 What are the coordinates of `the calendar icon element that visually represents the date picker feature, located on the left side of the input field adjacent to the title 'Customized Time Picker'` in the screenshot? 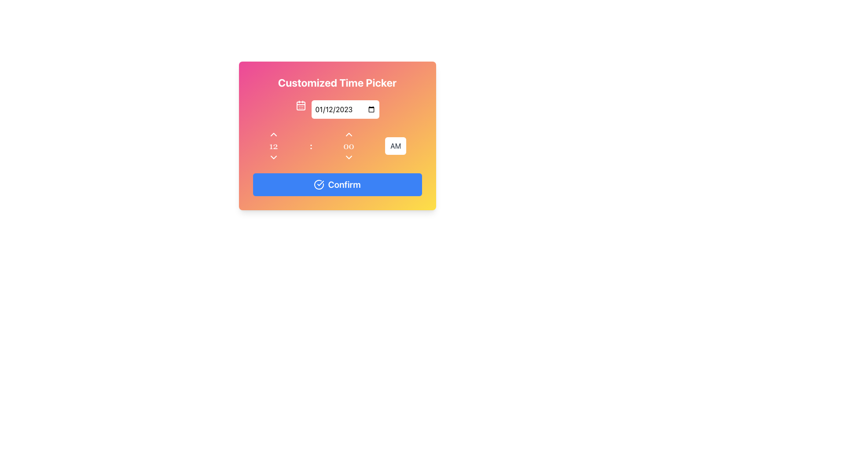 It's located at (301, 105).